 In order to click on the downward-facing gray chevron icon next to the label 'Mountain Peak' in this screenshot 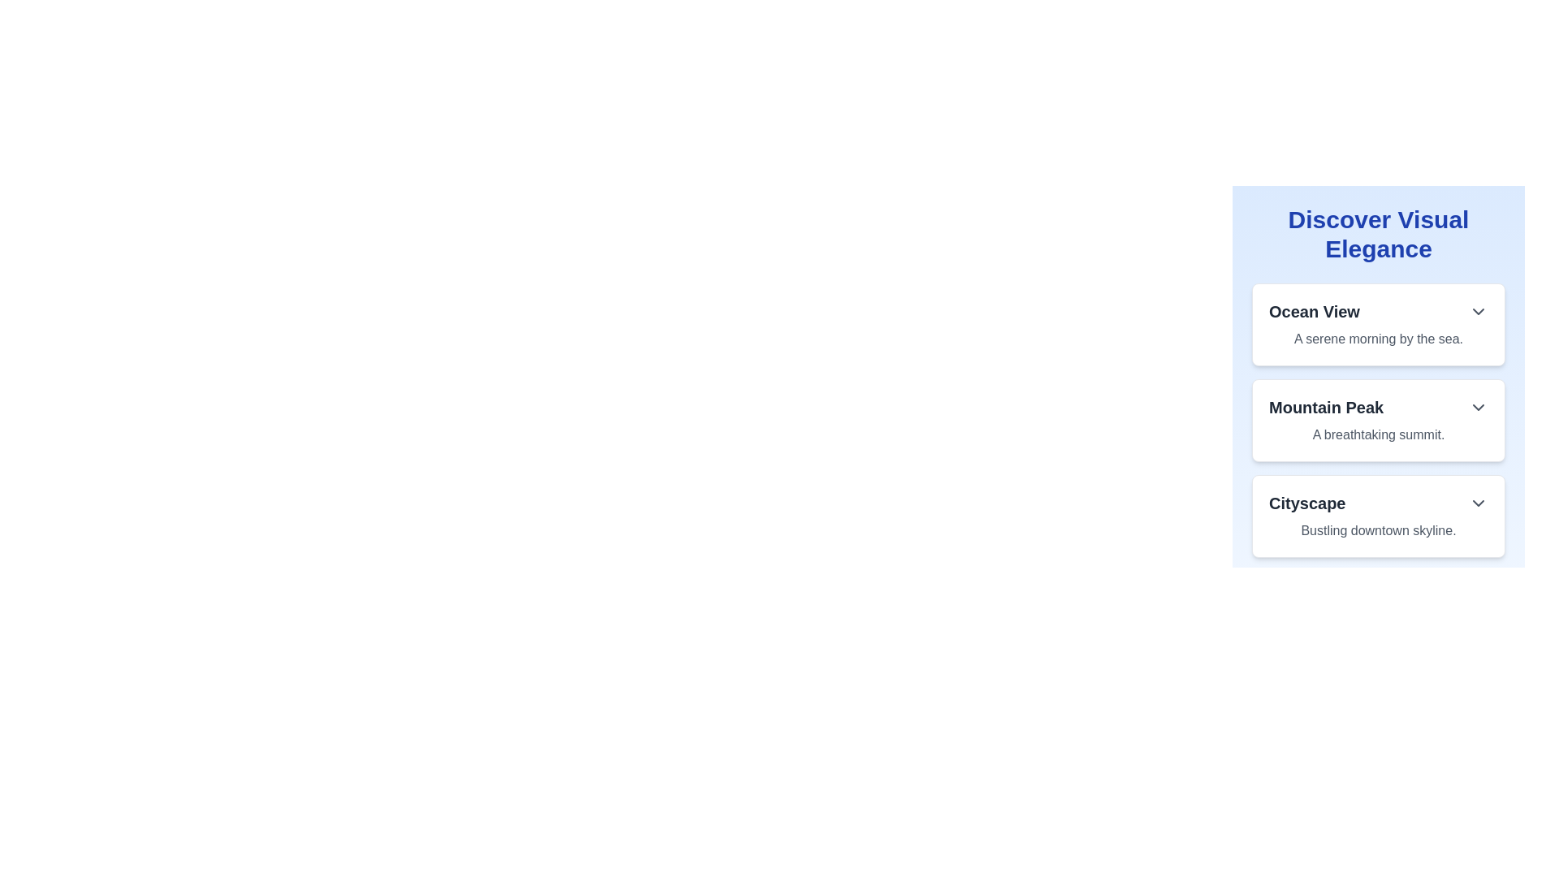, I will do `click(1478, 406)`.